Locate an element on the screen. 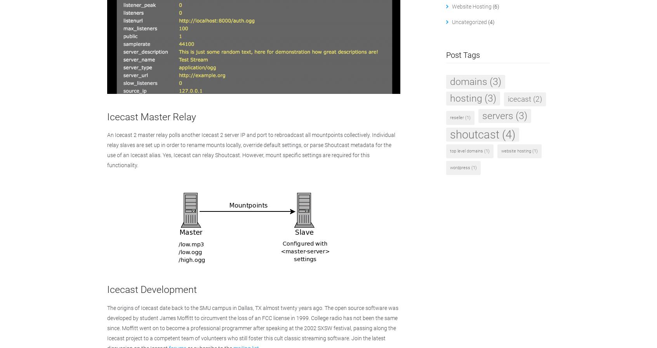  'reseller' is located at coordinates (456, 117).